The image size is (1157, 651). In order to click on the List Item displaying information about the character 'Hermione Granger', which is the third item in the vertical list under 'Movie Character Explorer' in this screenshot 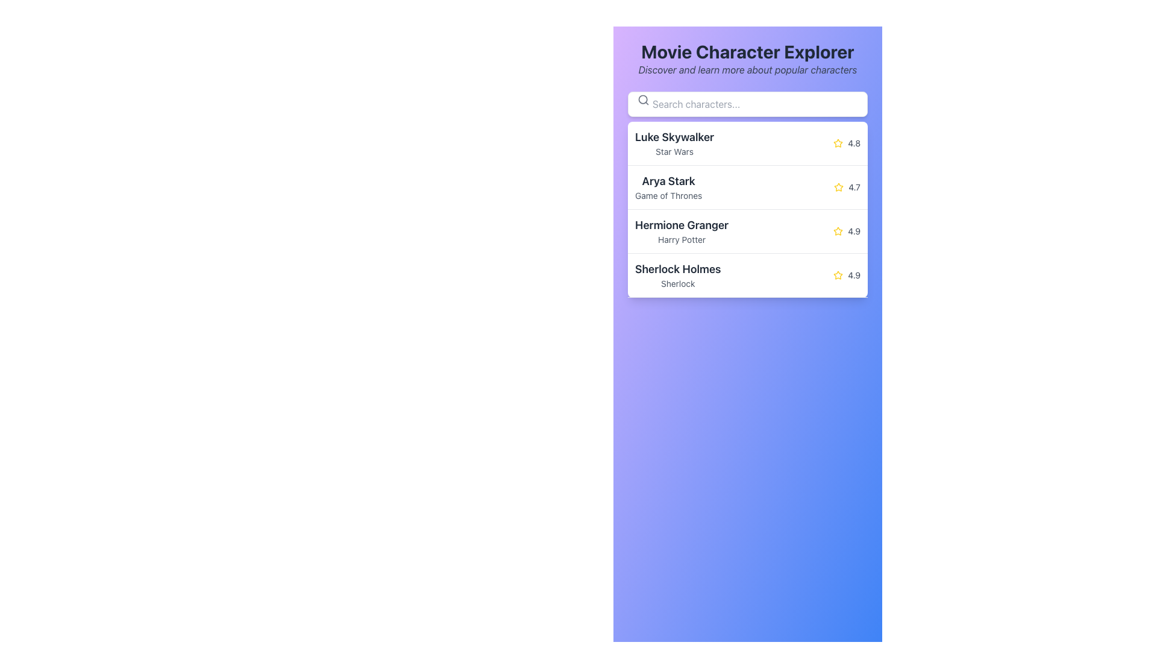, I will do `click(747, 231)`.